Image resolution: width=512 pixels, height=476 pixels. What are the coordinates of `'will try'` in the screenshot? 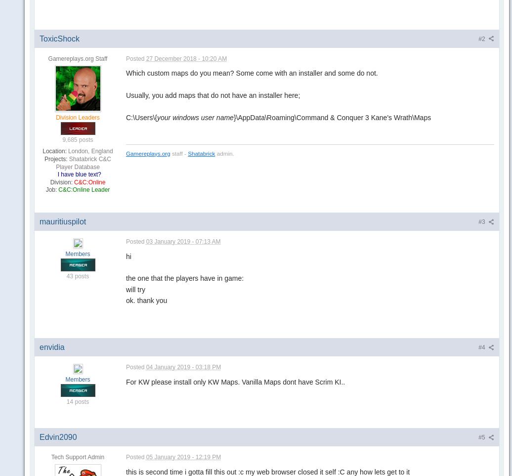 It's located at (126, 289).